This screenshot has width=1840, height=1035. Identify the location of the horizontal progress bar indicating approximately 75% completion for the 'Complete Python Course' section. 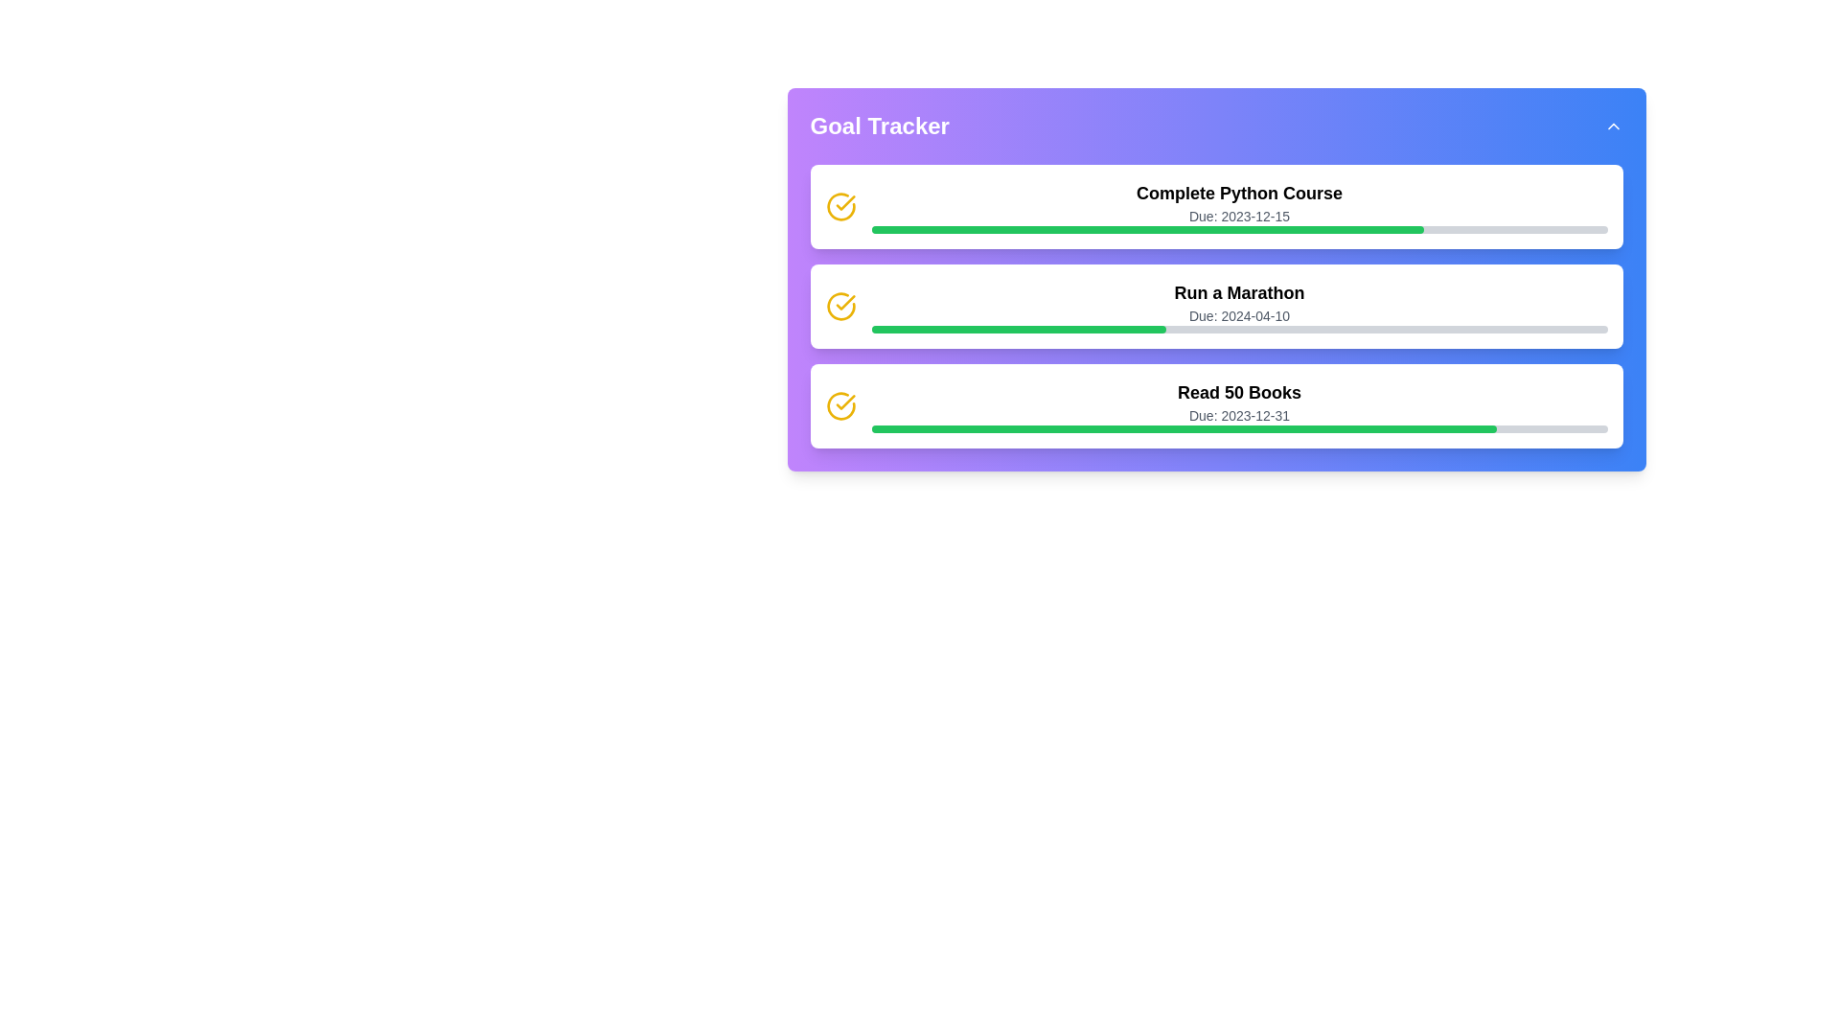
(1239, 228).